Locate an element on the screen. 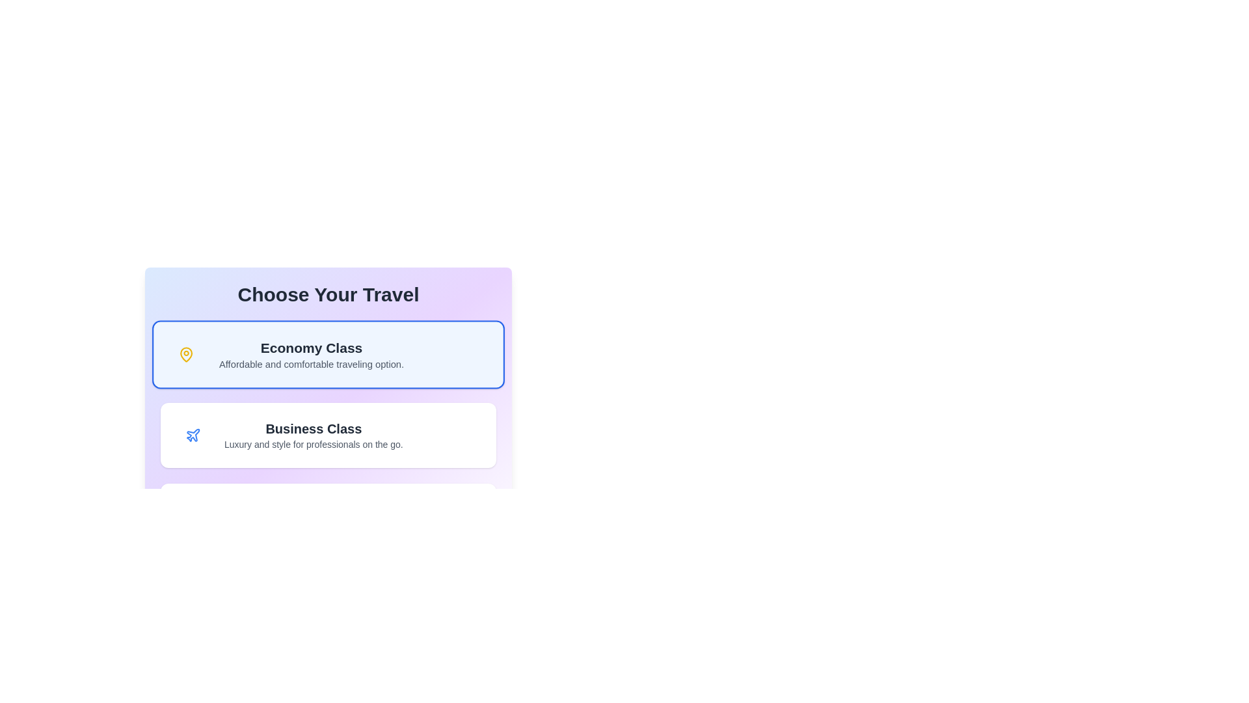  the decorative 'Economy Class' icon located on the left side of the section, next to the text 'Affordable and comfortable traveling option.' is located at coordinates (185, 354).